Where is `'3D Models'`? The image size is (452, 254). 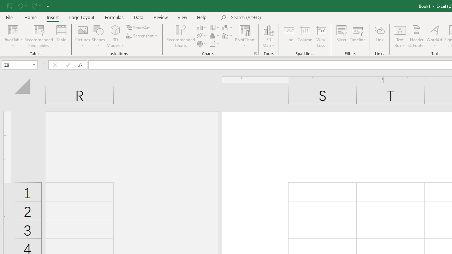 '3D Models' is located at coordinates (115, 36).